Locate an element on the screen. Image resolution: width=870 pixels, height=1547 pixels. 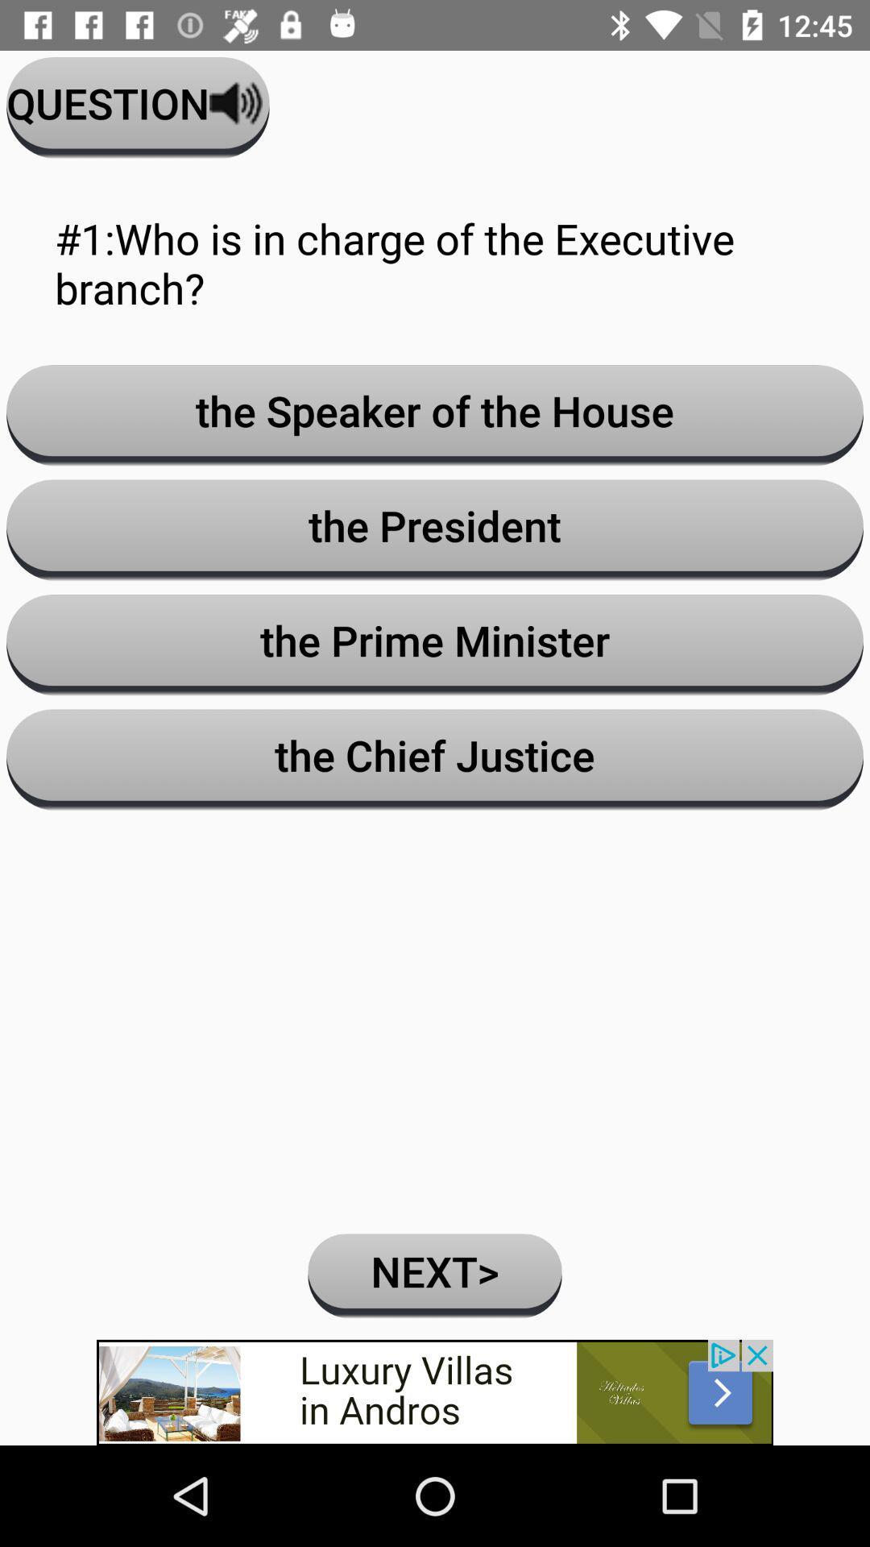
advertisement panel is located at coordinates (435, 1391).